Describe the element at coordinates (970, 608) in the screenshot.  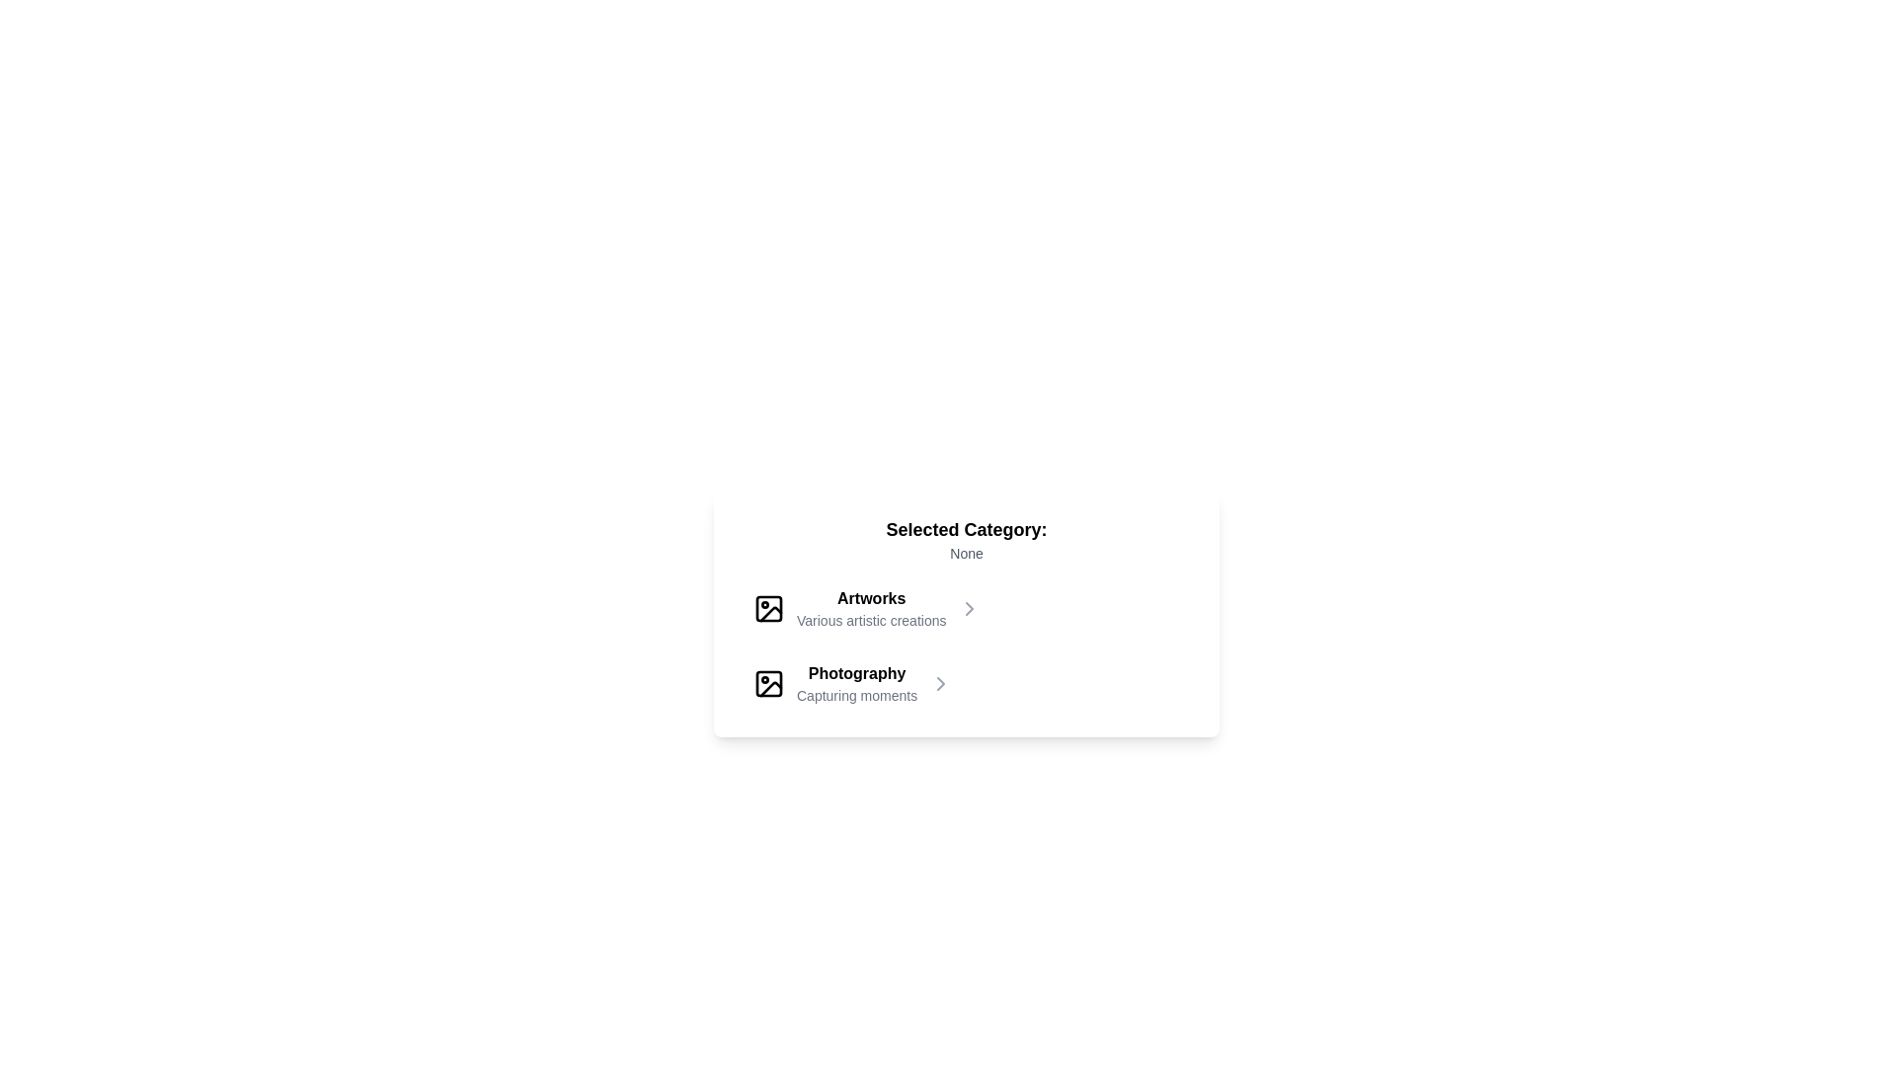
I see `the Icon Button located to the right of the 'Artworks' label` at that location.